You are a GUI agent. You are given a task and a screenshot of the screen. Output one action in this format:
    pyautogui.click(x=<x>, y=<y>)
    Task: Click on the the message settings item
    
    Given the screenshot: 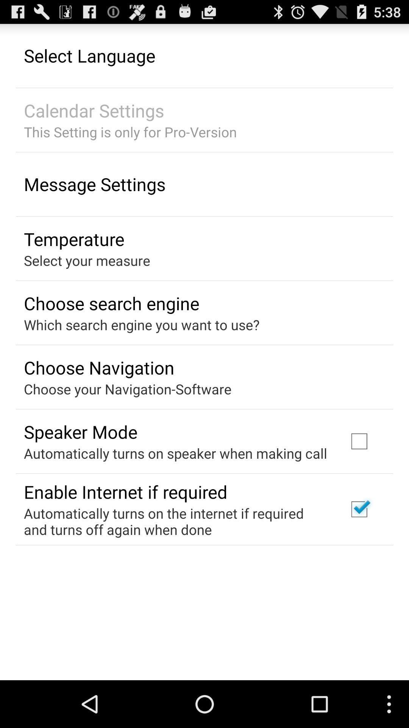 What is the action you would take?
    pyautogui.click(x=94, y=184)
    